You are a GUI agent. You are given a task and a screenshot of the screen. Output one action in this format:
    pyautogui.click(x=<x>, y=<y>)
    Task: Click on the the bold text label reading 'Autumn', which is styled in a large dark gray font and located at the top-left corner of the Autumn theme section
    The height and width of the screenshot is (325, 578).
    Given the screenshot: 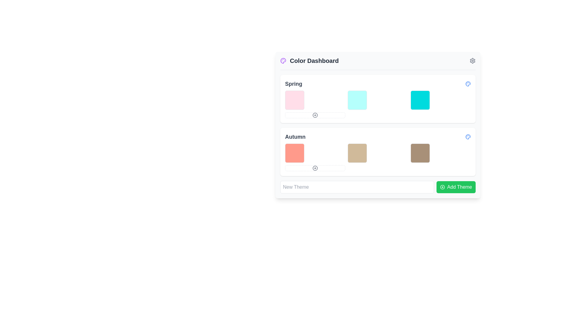 What is the action you would take?
    pyautogui.click(x=295, y=137)
    